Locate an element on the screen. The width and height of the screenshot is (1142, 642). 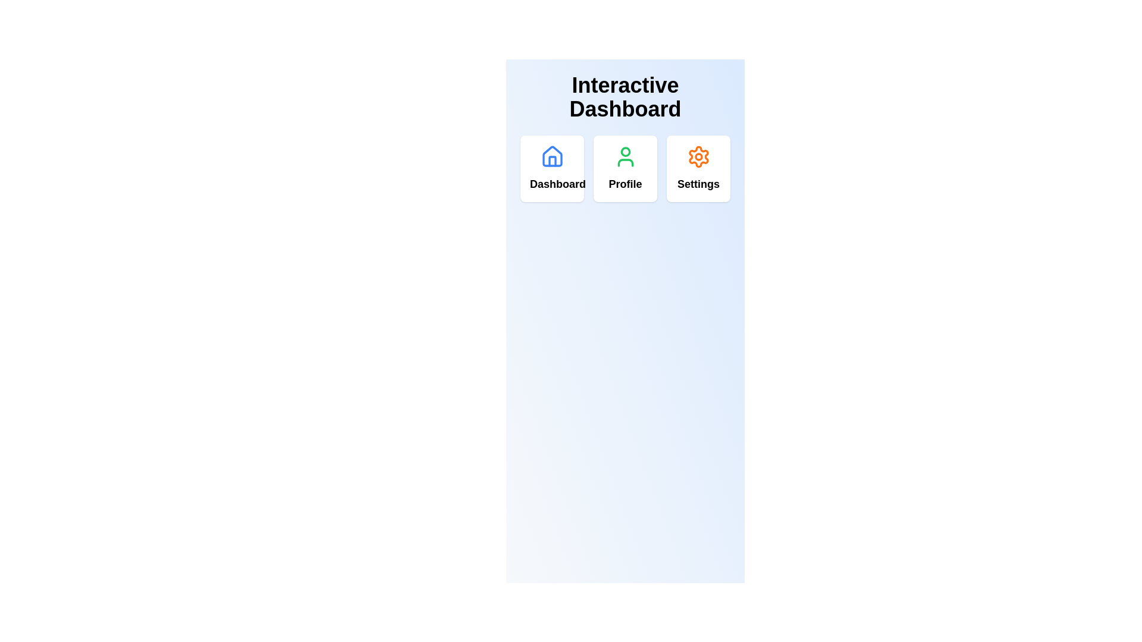
the orange gear-like settings icon located at the top section of the 'Settings' card, which is the third card below the 'Interactive Dashboard' text is located at coordinates (698, 156).